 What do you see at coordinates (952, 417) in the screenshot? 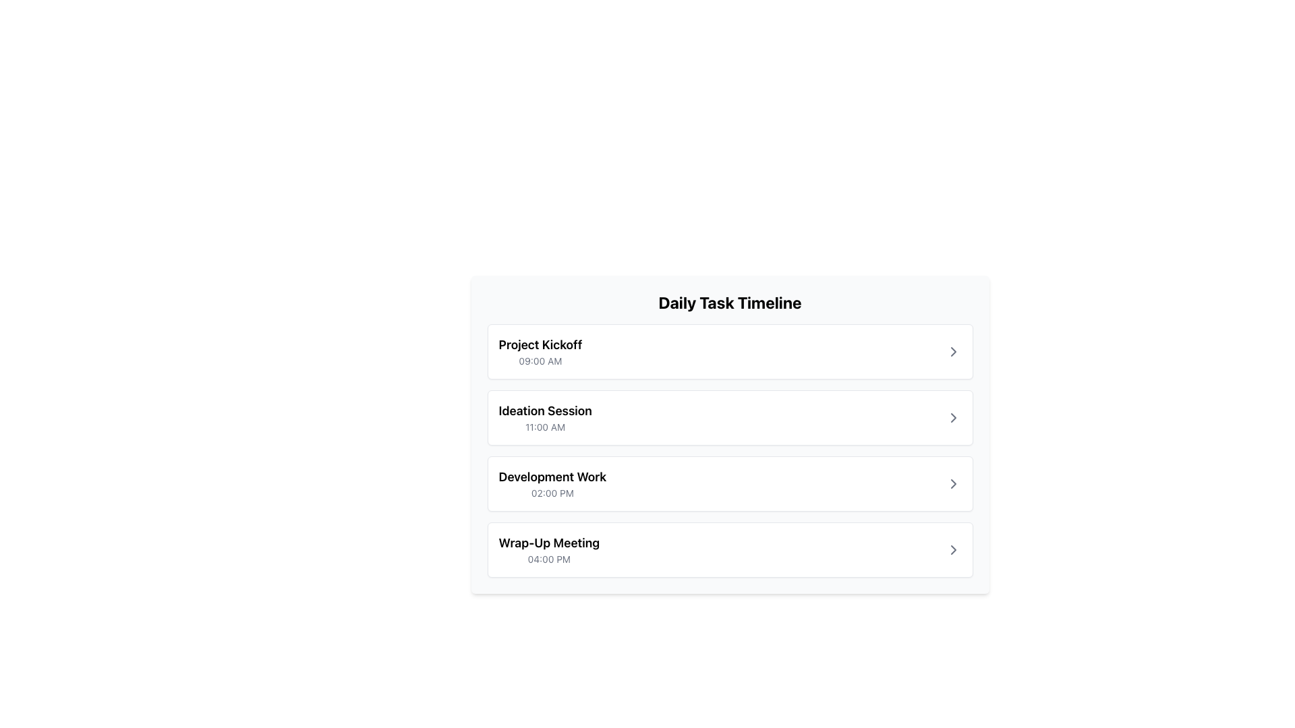
I see `the small gray arrow icon button located at the far-right of the 'Ideation Session 11:00 AM' entry in the list` at bounding box center [952, 417].